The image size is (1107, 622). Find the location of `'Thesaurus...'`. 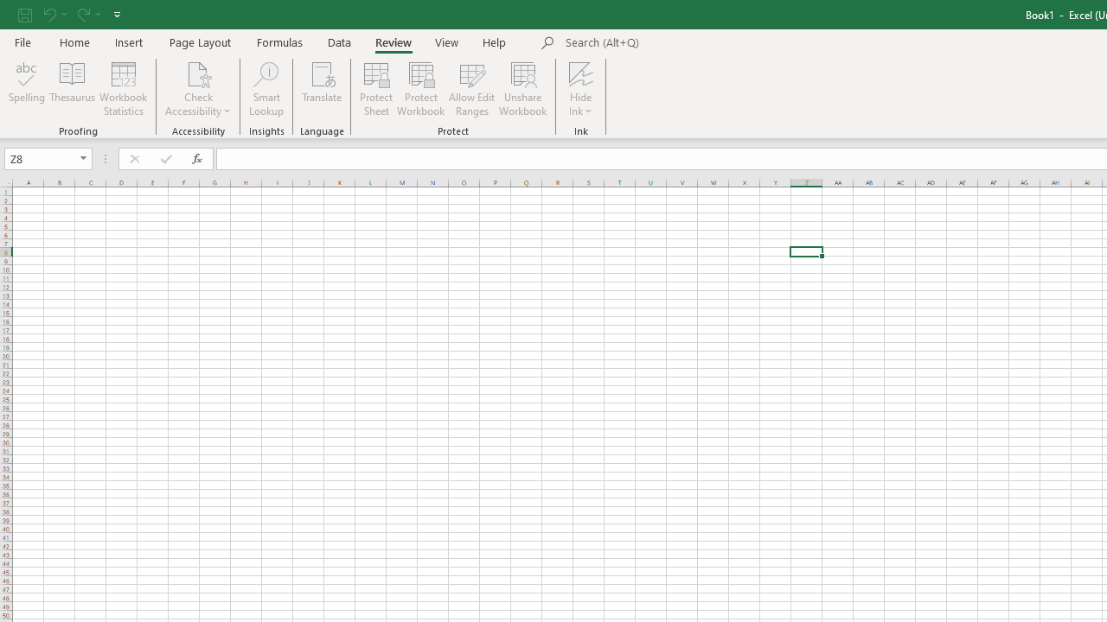

'Thesaurus...' is located at coordinates (71, 89).